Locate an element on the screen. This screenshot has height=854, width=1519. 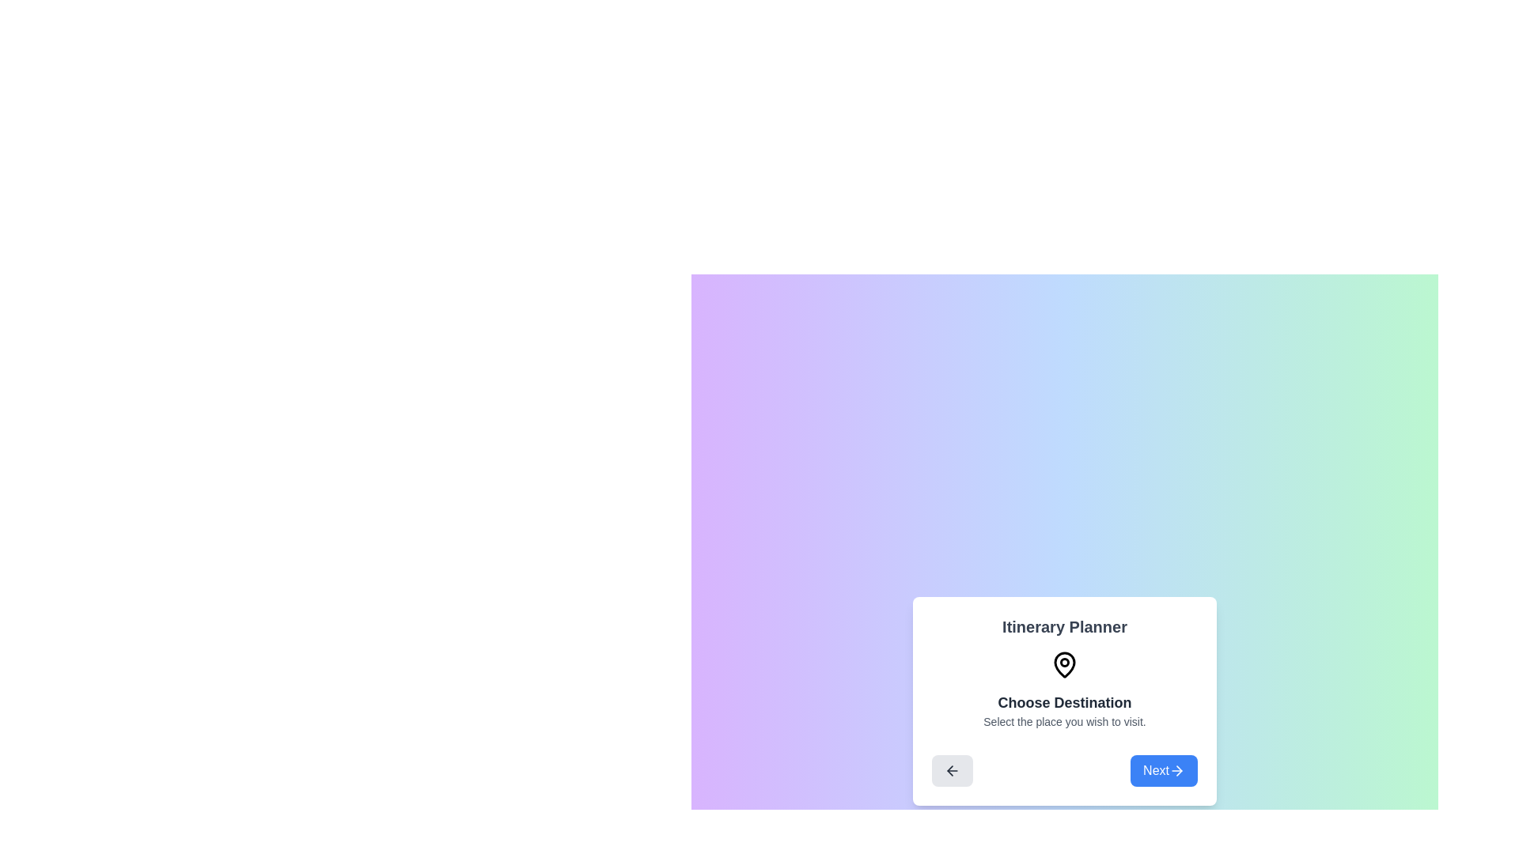
the right-facing arrow icon within the 'Next' button at the bottom right of the interface is located at coordinates (1179, 770).